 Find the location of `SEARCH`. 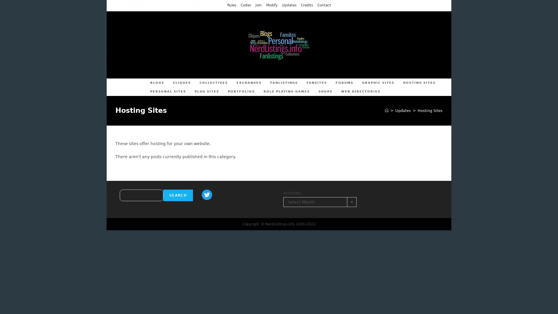

SEARCH is located at coordinates (178, 195).